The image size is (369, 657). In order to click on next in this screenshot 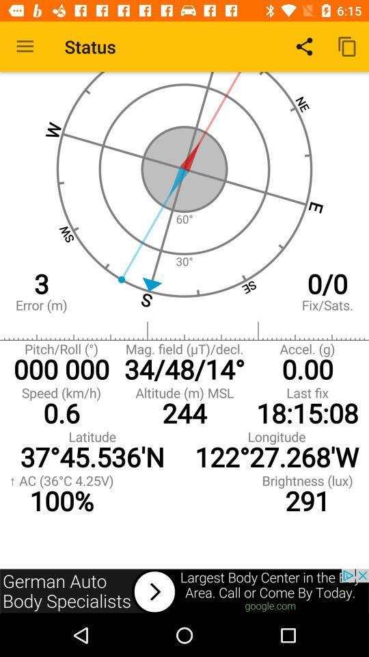, I will do `click(184, 591)`.